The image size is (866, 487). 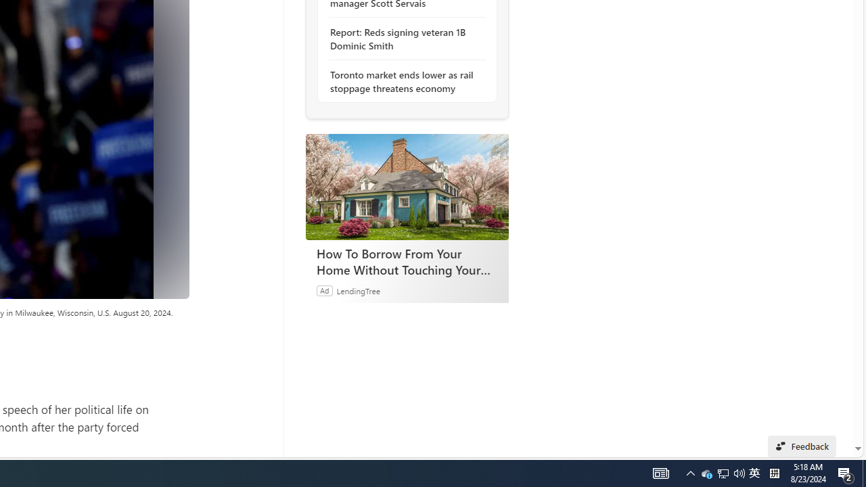 What do you see at coordinates (723, 472) in the screenshot?
I see `'User Promoted Notification Area'` at bounding box center [723, 472].